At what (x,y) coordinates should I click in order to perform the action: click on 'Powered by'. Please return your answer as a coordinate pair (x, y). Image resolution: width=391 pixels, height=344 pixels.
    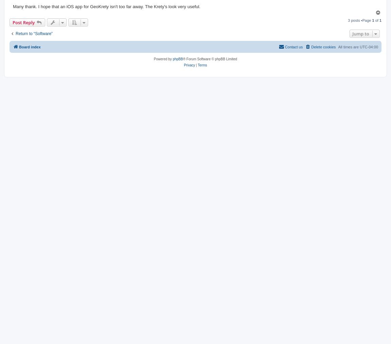
    Looking at the image, I should click on (163, 59).